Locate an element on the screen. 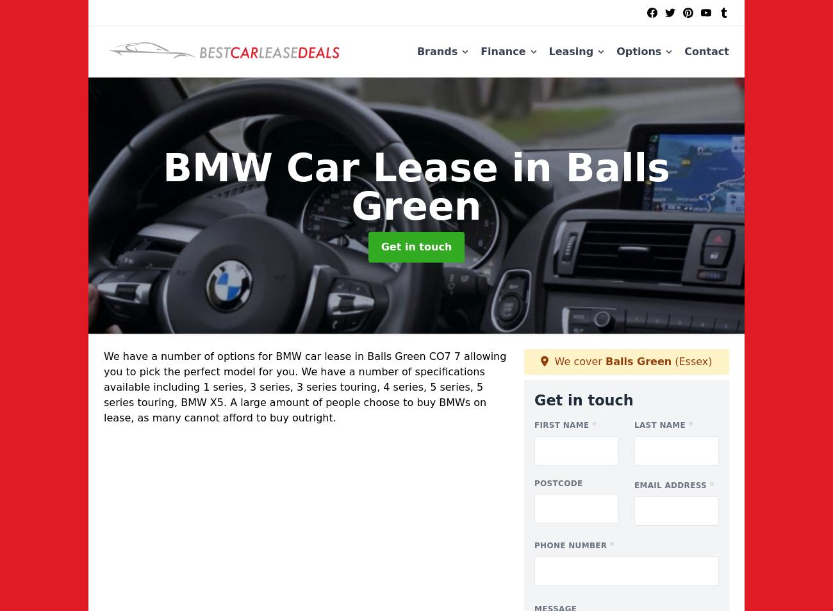 The image size is (833, 611). 'Postcode' is located at coordinates (534, 483).